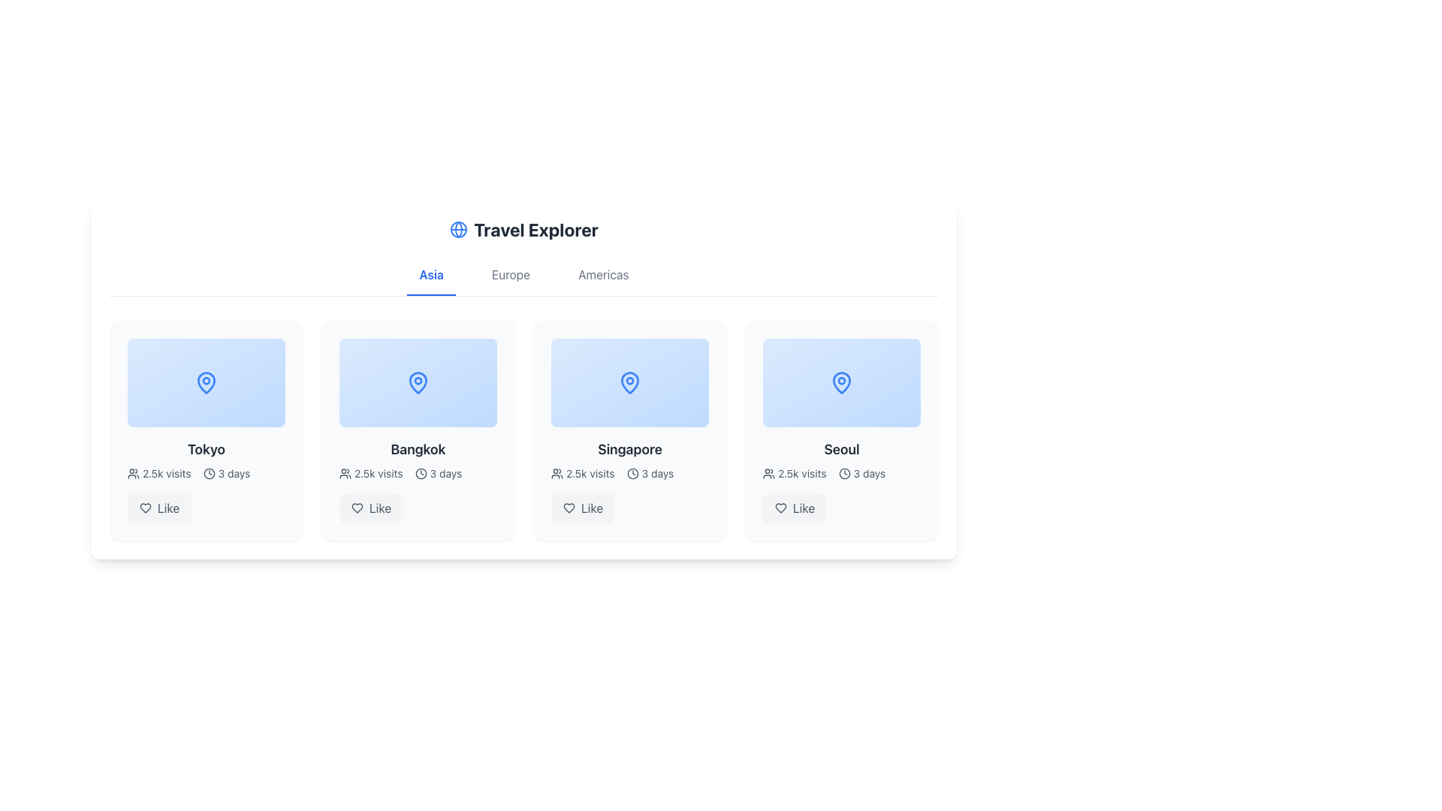 The height and width of the screenshot is (811, 1442). Describe the element at coordinates (590, 474) in the screenshot. I see `the text label displaying '2.5k visits', which is styled with a standard font and located next to the group icon below the title 'Singapore'` at that location.